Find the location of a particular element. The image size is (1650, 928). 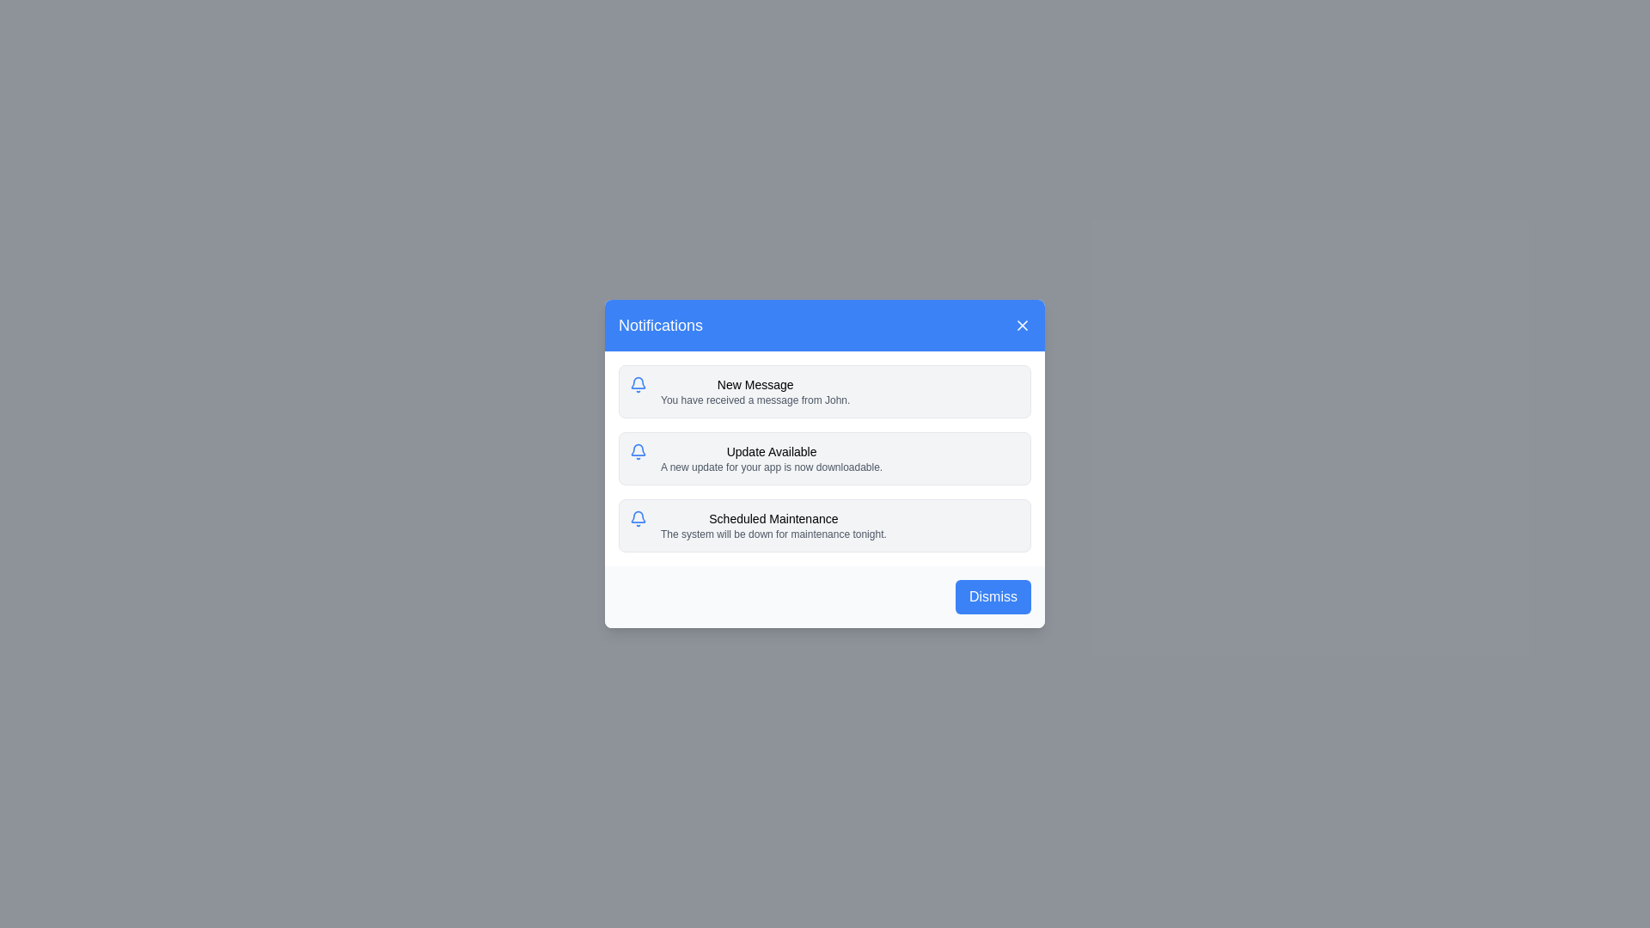

the visual appearance of the bell icon, which is part of the notification system design and is located near the left side of the notification messages is located at coordinates (638, 382).